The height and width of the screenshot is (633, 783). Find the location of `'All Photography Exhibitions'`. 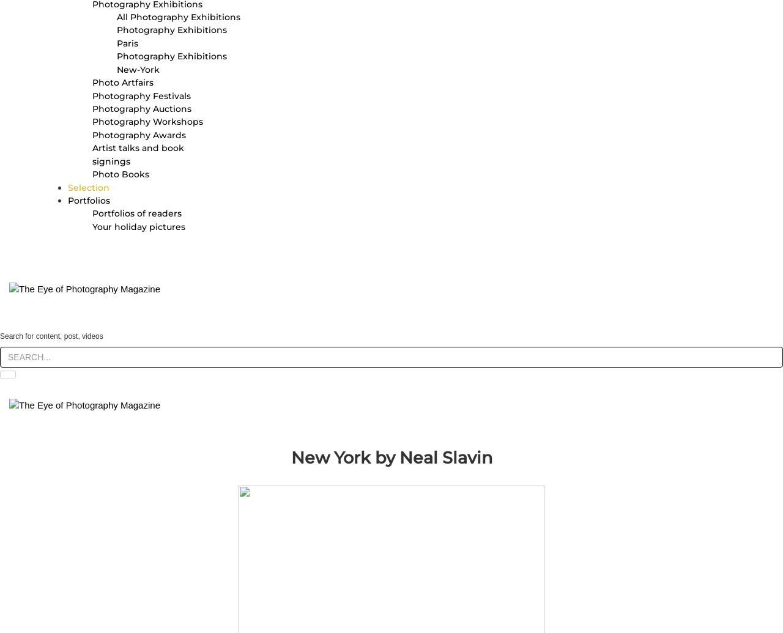

'All Photography Exhibitions' is located at coordinates (116, 17).